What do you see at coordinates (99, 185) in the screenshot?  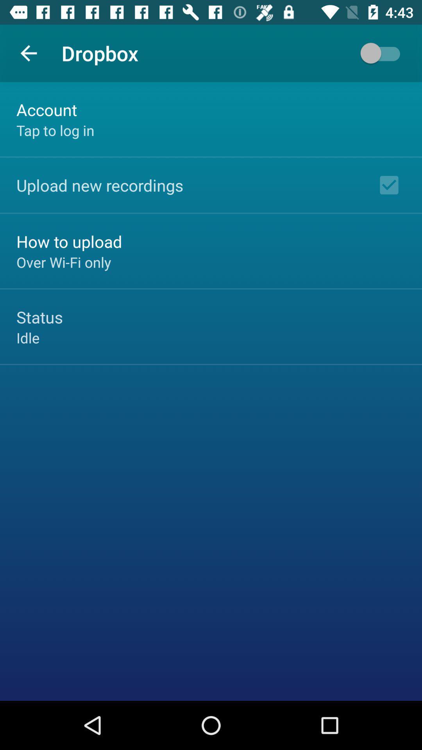 I see `the icon above the how to upload icon` at bounding box center [99, 185].